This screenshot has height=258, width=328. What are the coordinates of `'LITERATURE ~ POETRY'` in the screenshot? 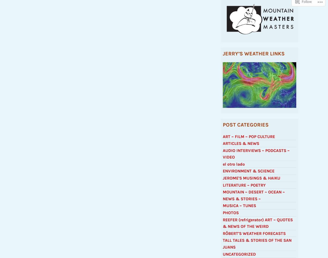 It's located at (223, 187).